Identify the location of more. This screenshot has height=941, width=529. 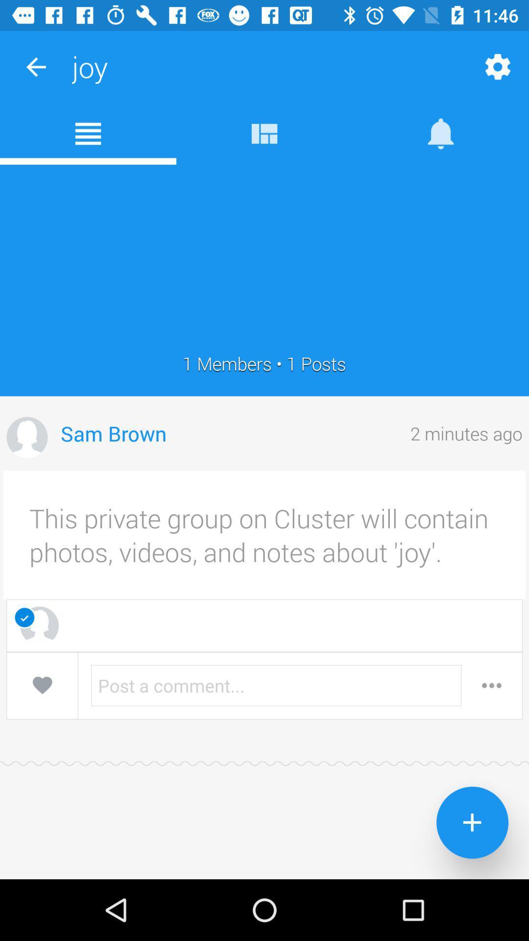
(491, 685).